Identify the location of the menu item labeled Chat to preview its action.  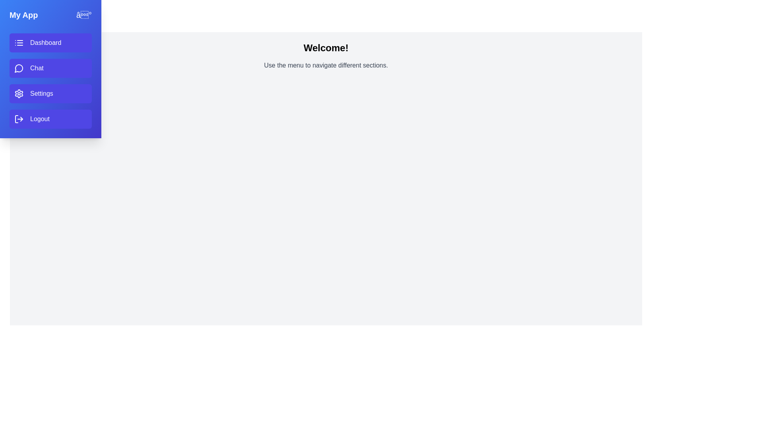
(50, 68).